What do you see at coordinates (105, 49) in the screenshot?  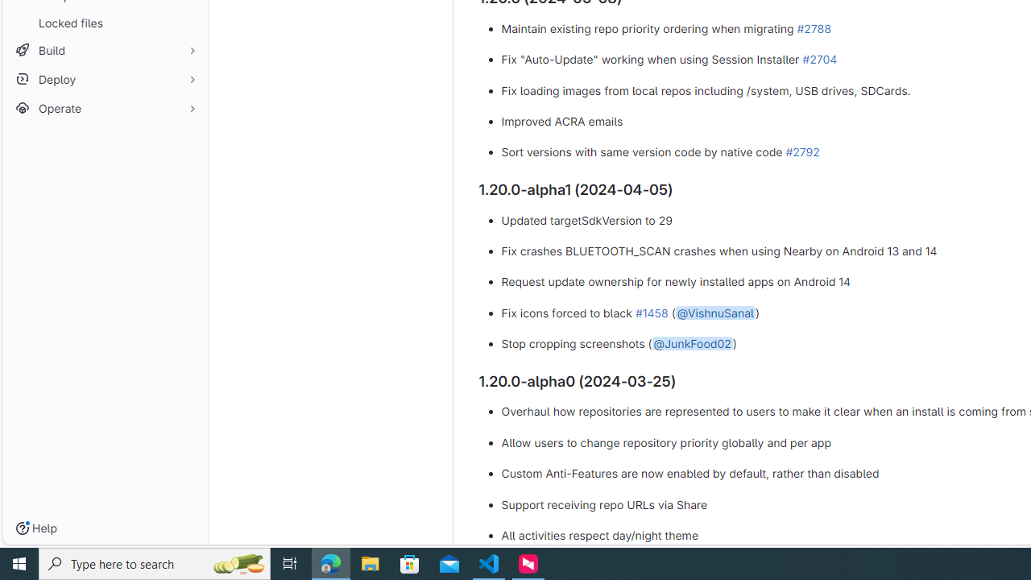 I see `'Build'` at bounding box center [105, 49].